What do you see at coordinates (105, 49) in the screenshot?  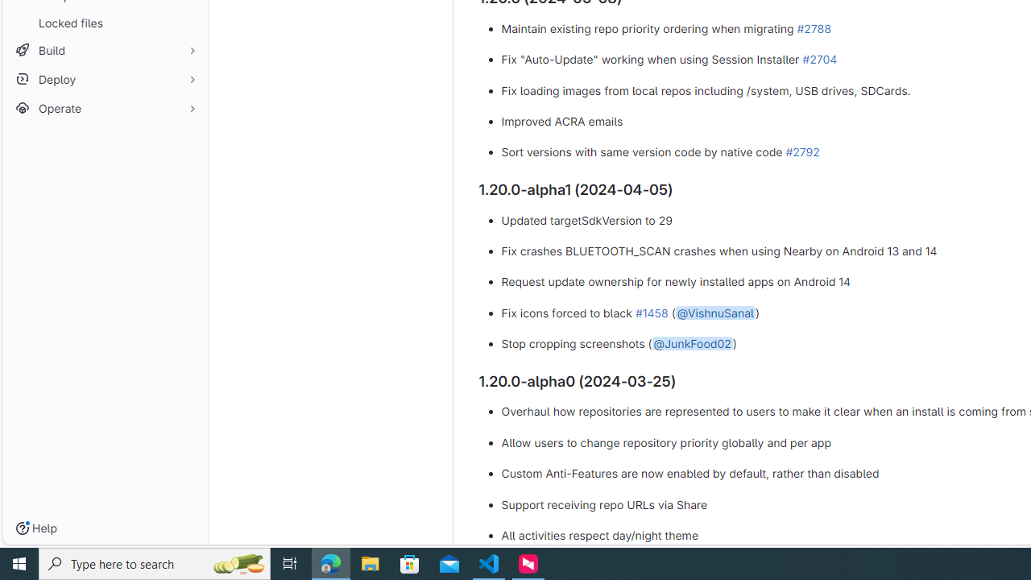 I see `'Build'` at bounding box center [105, 49].